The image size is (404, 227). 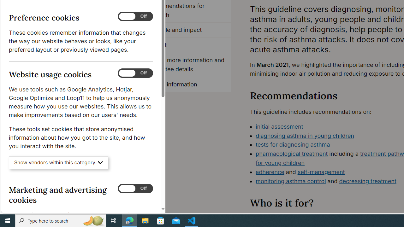 I want to click on 'decreasing treatment', so click(x=367, y=181).